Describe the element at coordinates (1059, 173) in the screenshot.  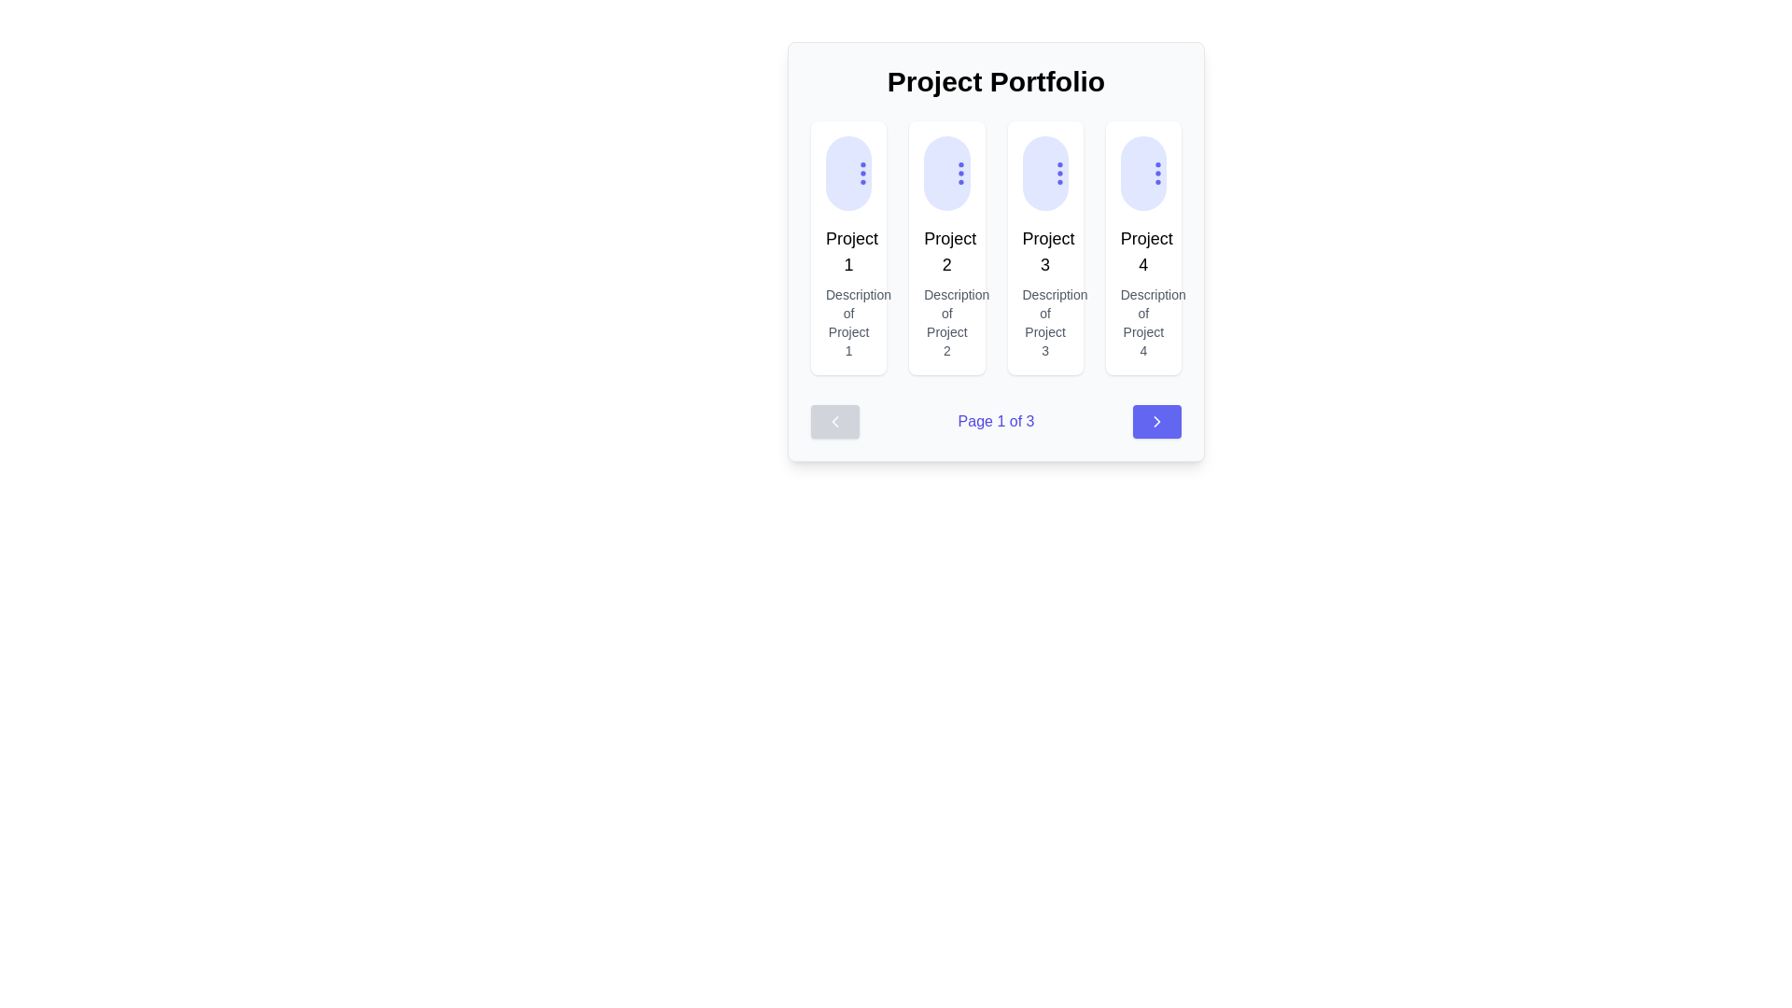
I see `the Three-dot vertical ellipsis icon located in the circular indigo-hued area at the top of the third card in the 'Project Portfolio' section` at that location.